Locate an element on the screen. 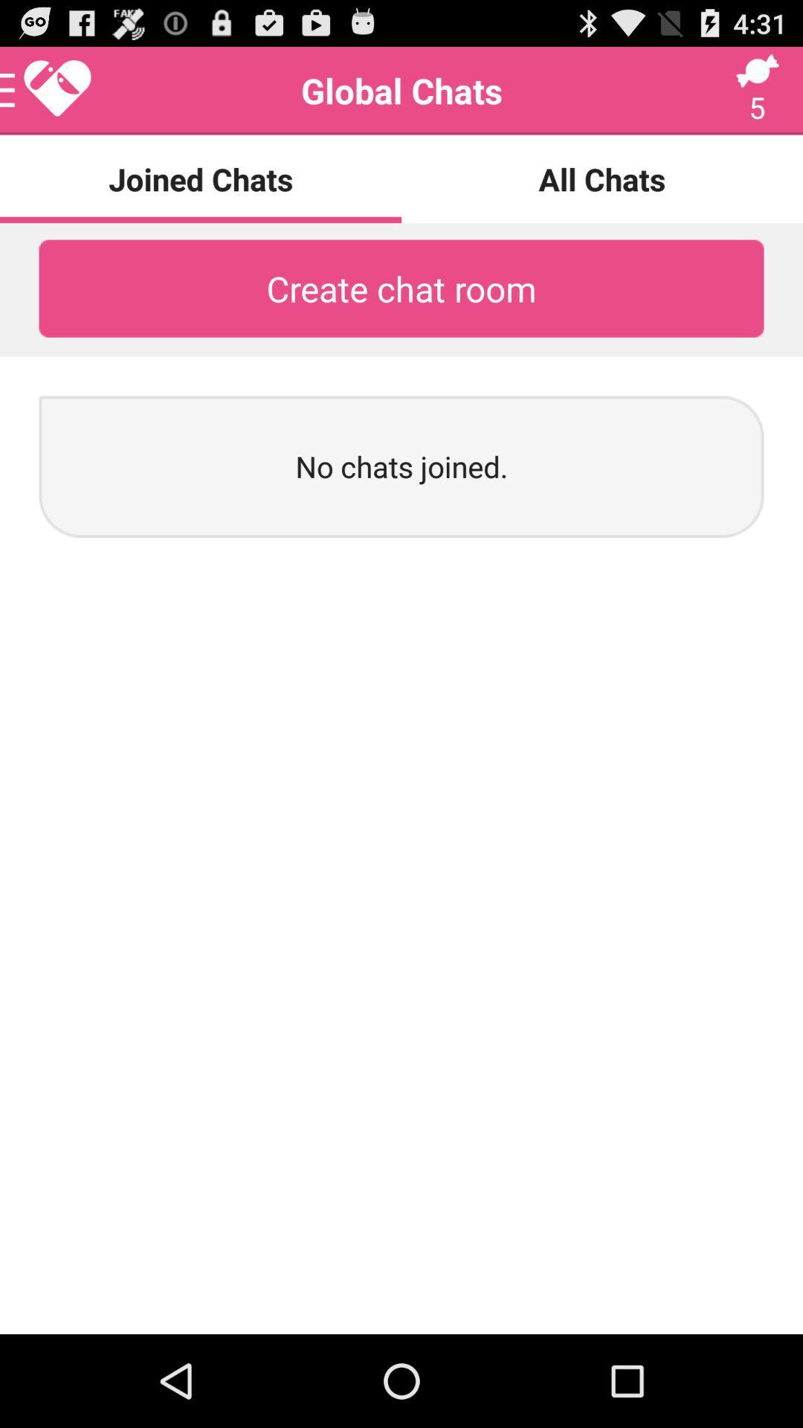  the create chat room icon is located at coordinates (401, 289).